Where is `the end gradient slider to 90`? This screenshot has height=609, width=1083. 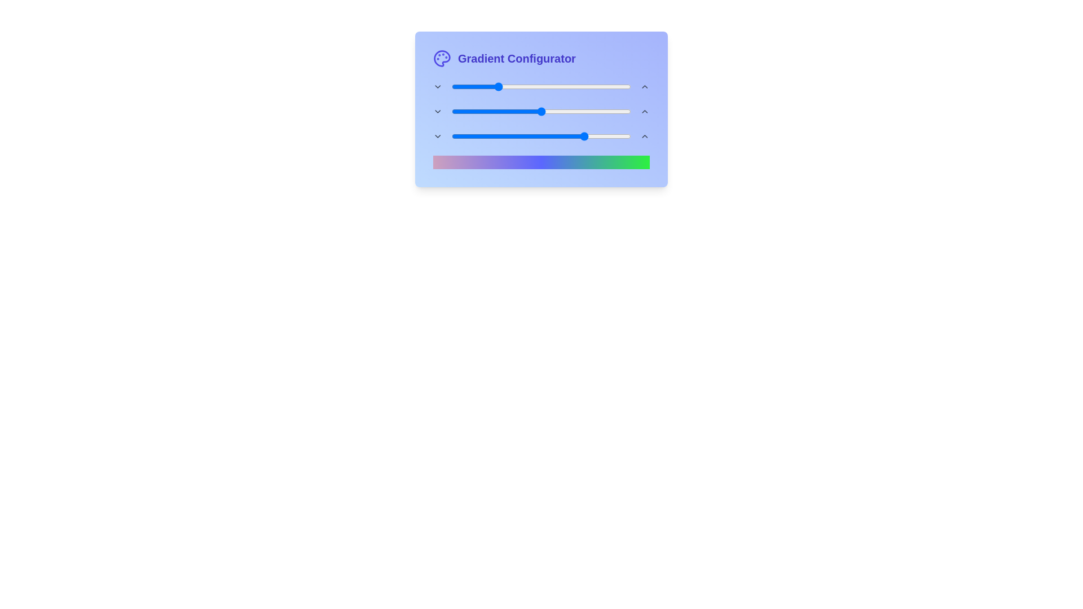
the end gradient slider to 90 is located at coordinates (613, 136).